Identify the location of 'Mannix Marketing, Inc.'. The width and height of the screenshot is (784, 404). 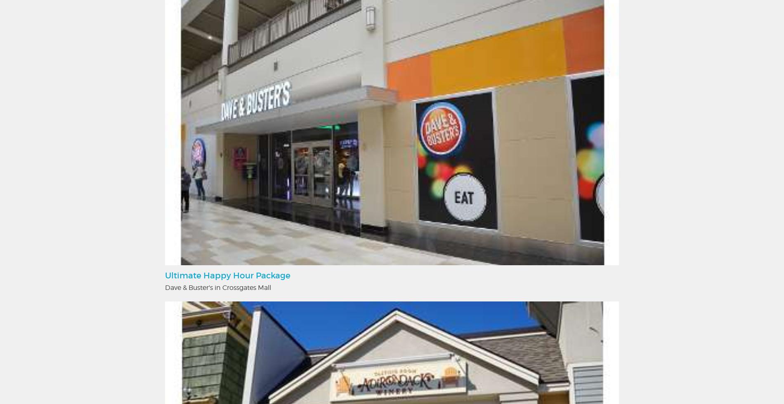
(510, 97).